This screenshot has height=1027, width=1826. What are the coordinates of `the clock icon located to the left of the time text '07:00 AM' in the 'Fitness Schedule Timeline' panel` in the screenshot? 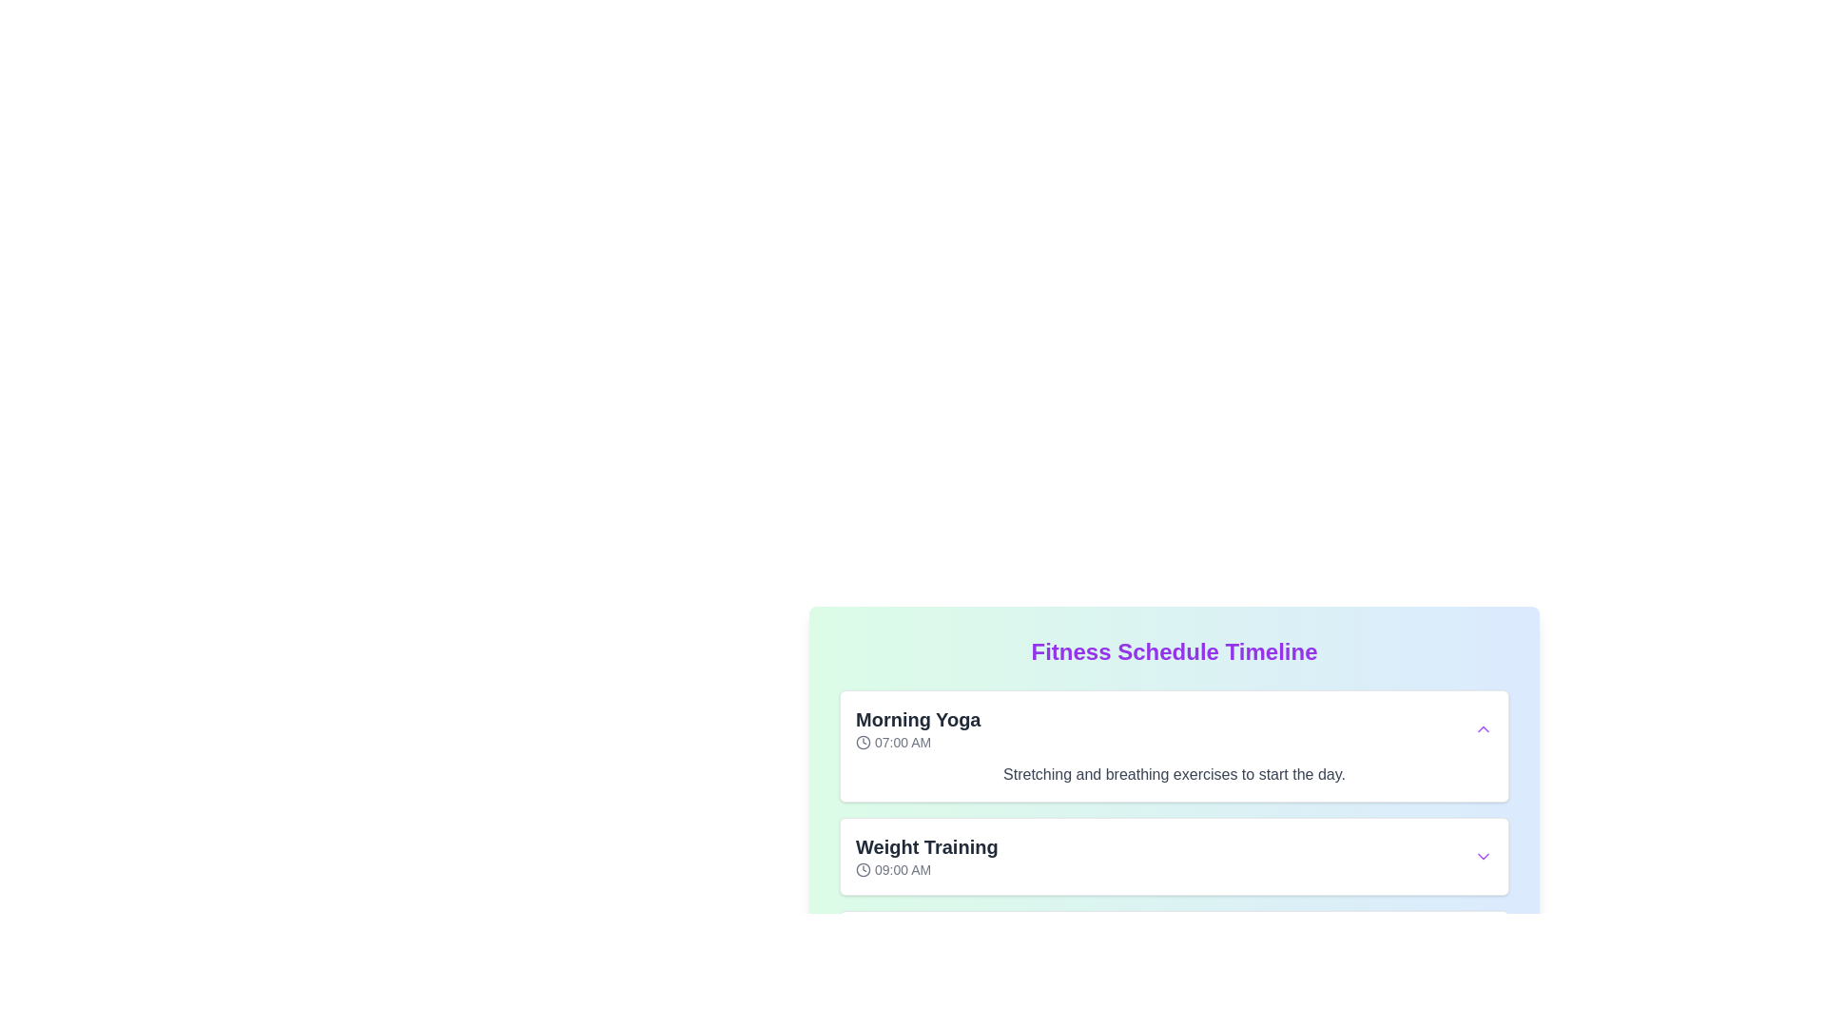 It's located at (862, 741).